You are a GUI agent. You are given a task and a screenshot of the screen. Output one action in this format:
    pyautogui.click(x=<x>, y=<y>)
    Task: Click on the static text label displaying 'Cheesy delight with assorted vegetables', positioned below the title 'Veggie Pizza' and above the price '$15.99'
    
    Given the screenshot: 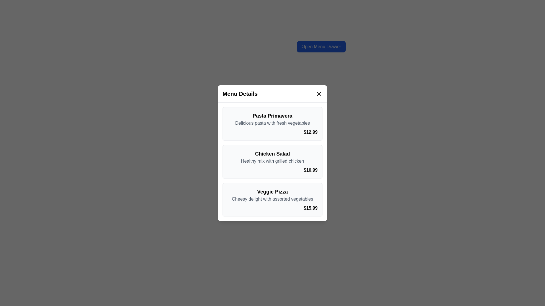 What is the action you would take?
    pyautogui.click(x=272, y=199)
    